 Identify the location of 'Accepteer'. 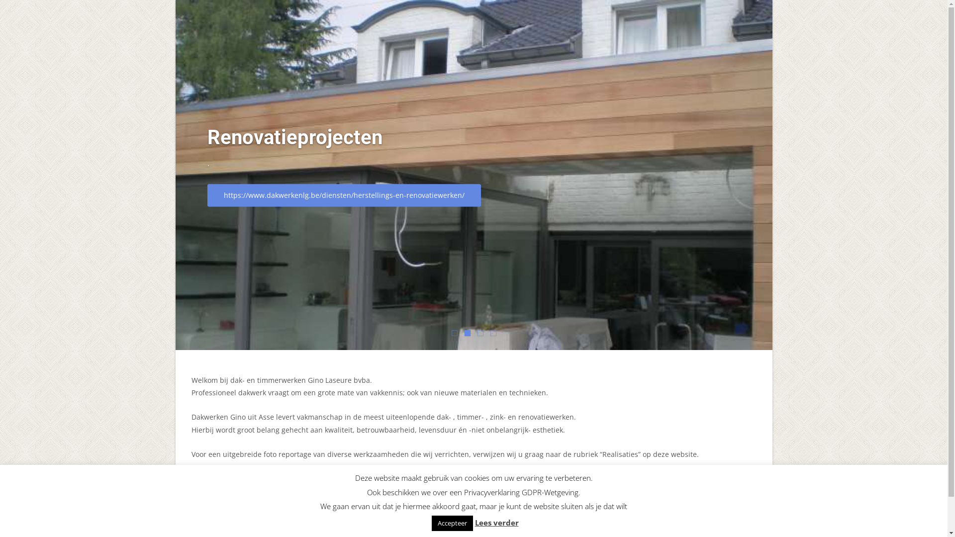
(452, 523).